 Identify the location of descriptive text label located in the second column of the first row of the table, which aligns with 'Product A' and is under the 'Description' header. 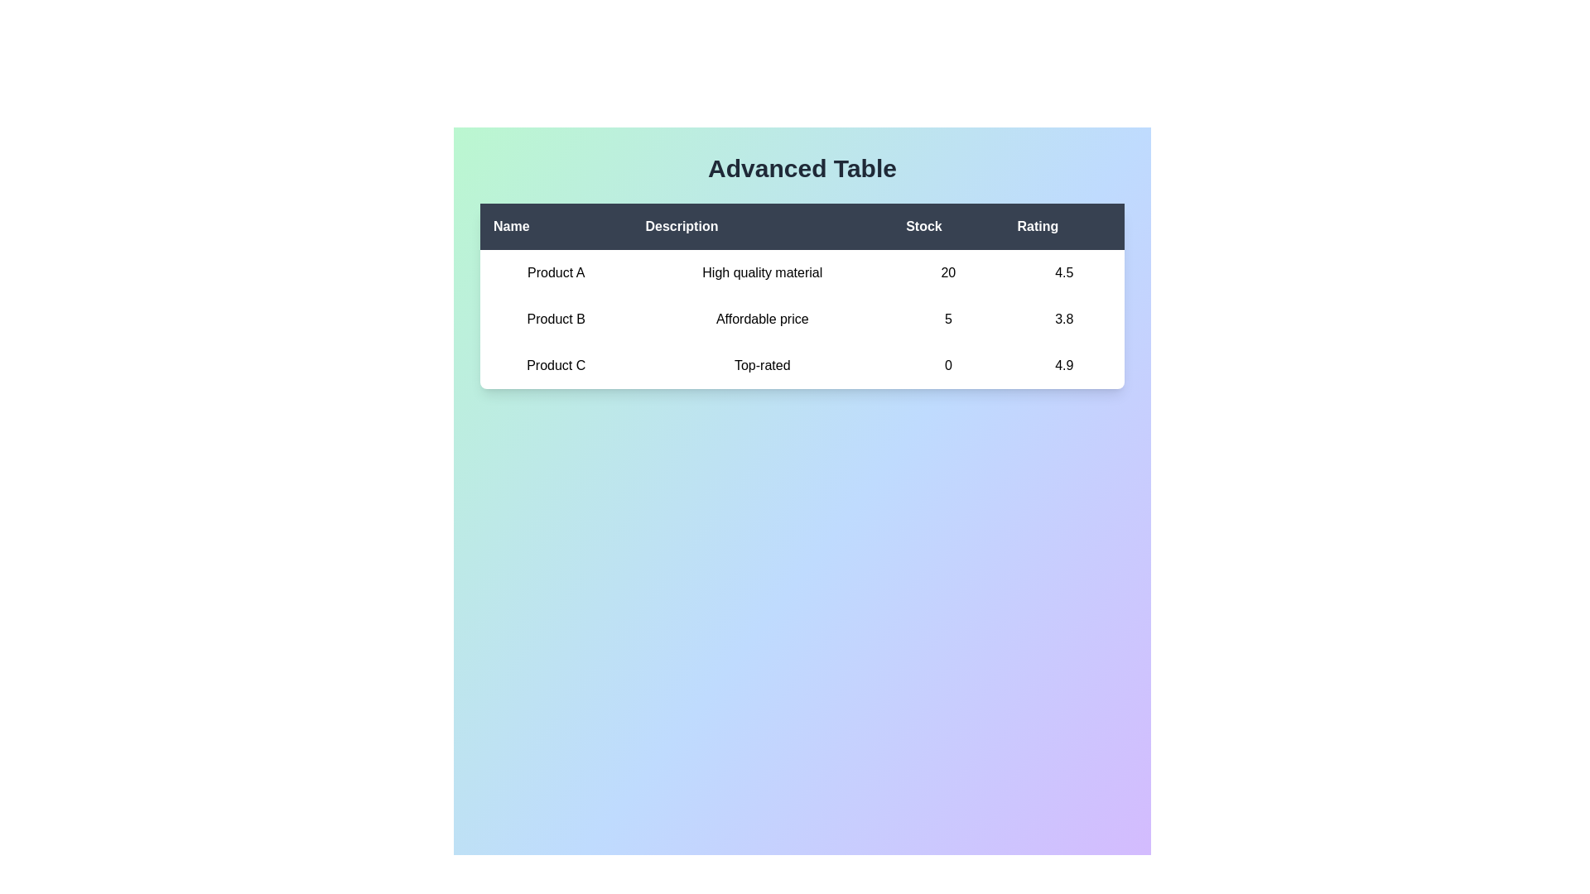
(761, 272).